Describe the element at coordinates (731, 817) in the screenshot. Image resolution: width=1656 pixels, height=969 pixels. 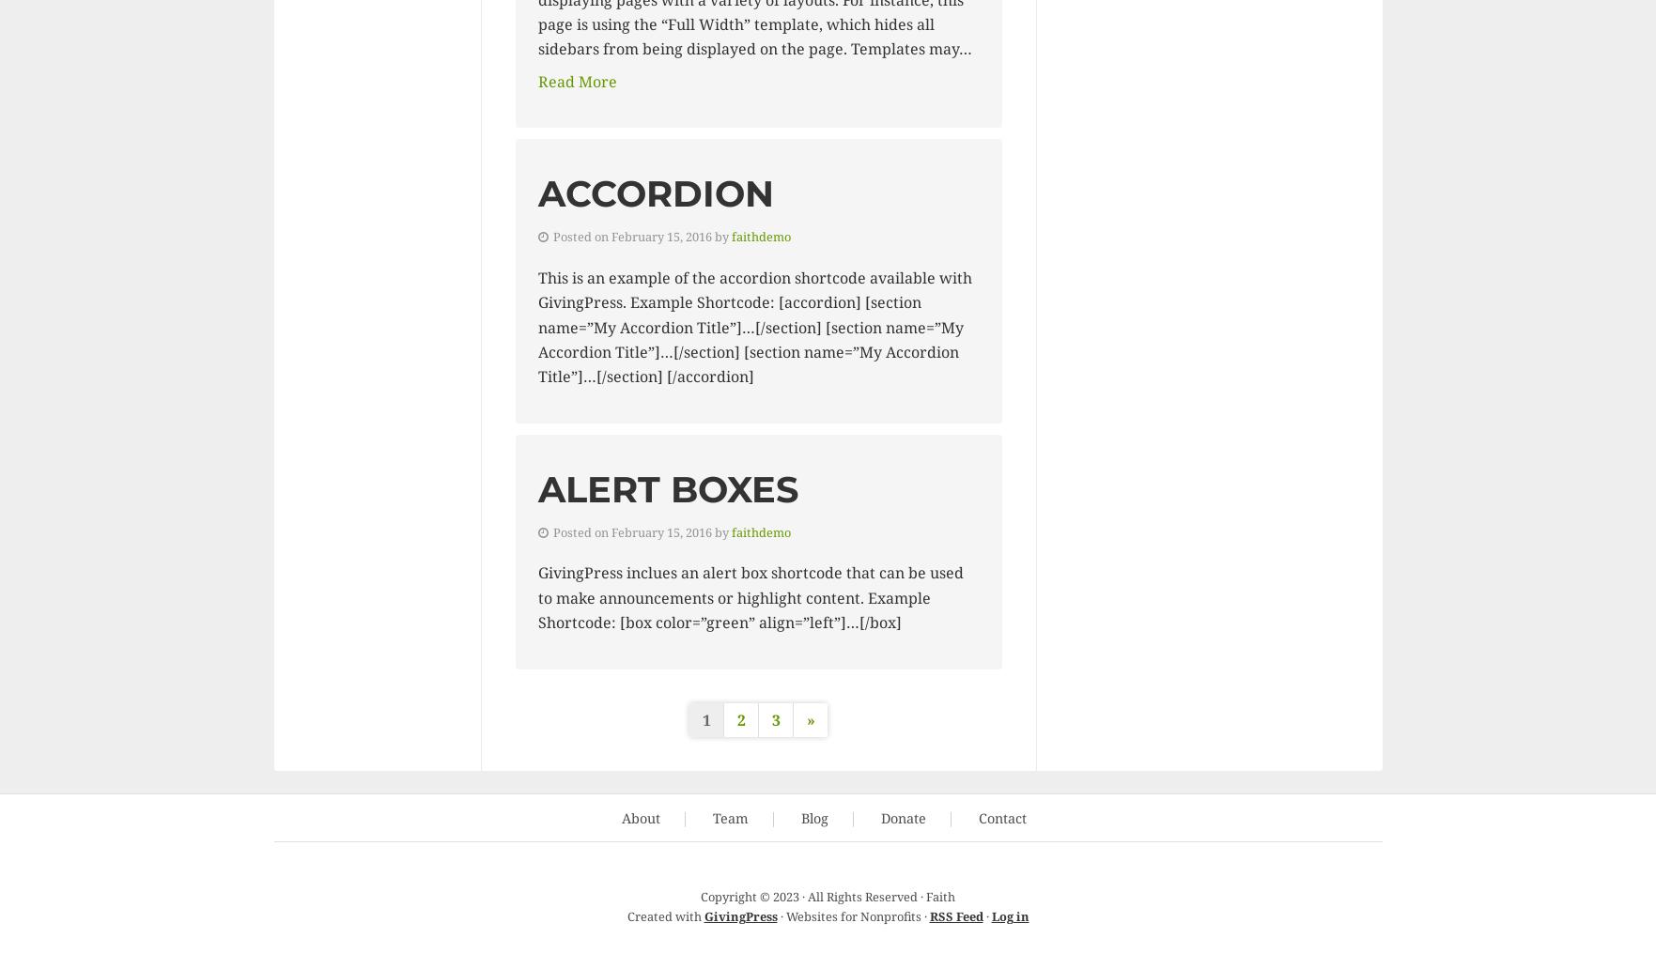
I see `'Team'` at that location.